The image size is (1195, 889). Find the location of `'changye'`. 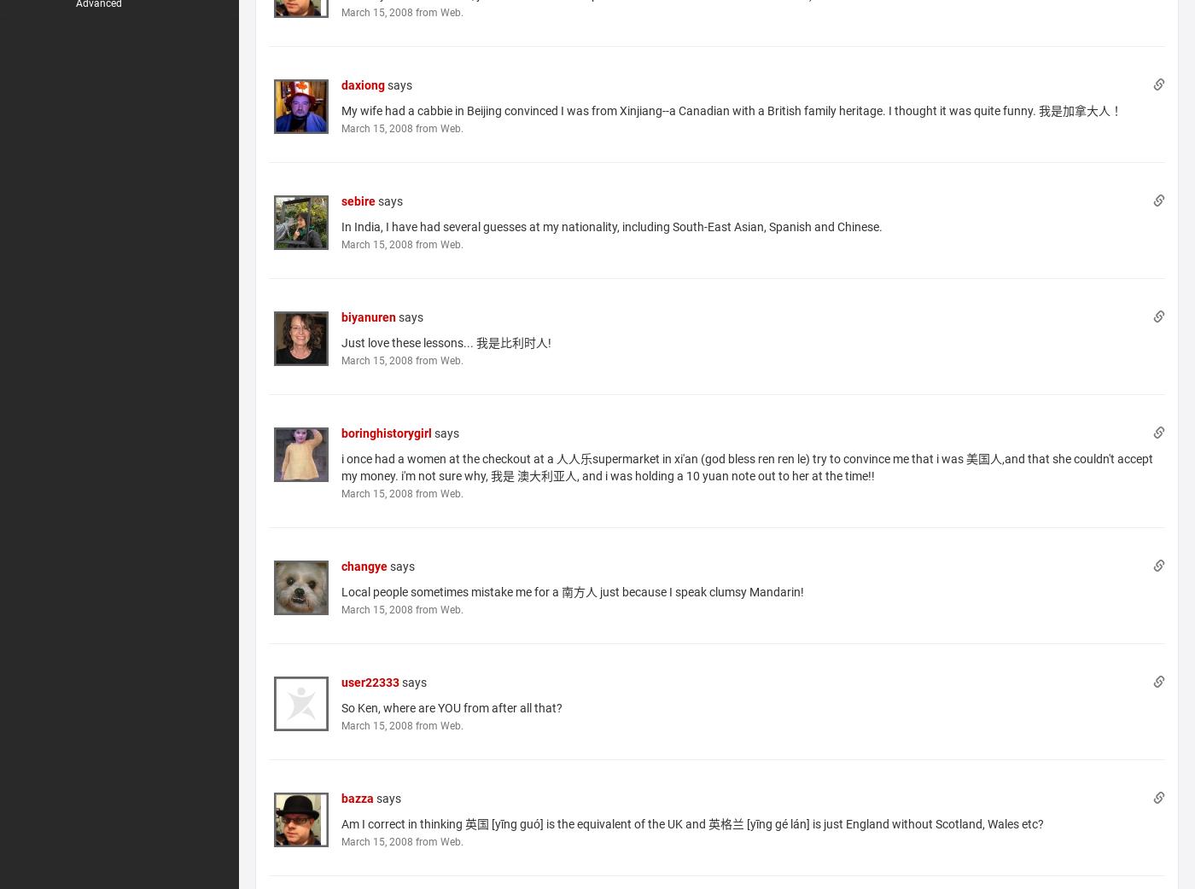

'changye' is located at coordinates (364, 566).